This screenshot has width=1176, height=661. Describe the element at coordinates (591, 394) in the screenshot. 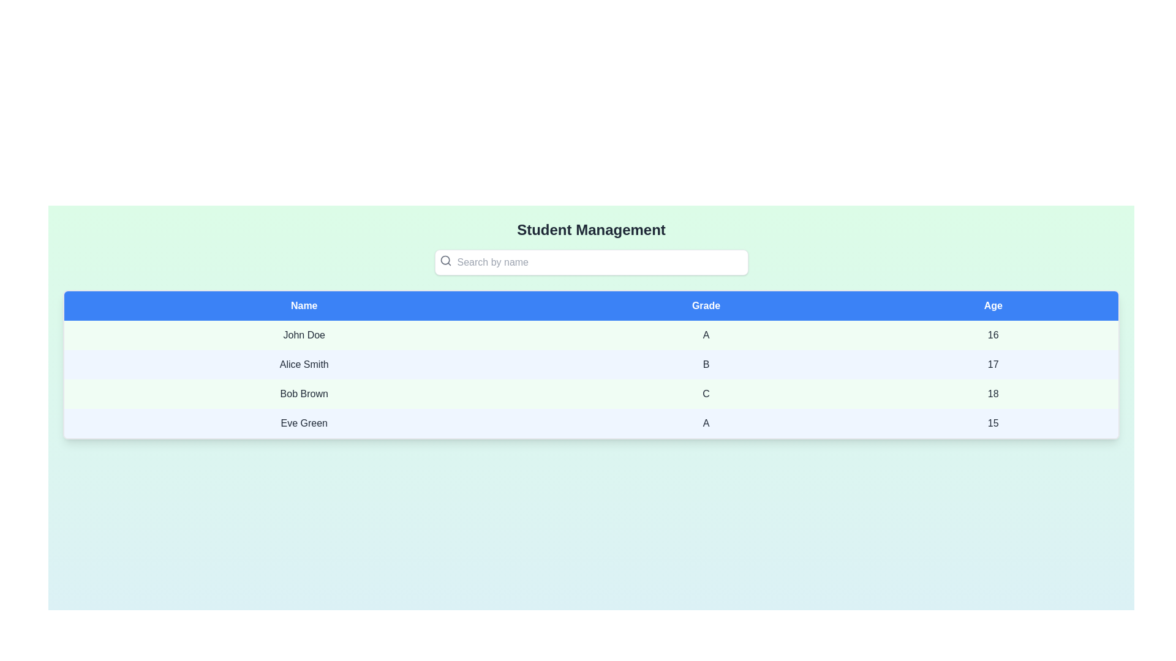

I see `the third row of the data table which contains information about 'Bob Brown', grade 'C', and age '18'` at that location.